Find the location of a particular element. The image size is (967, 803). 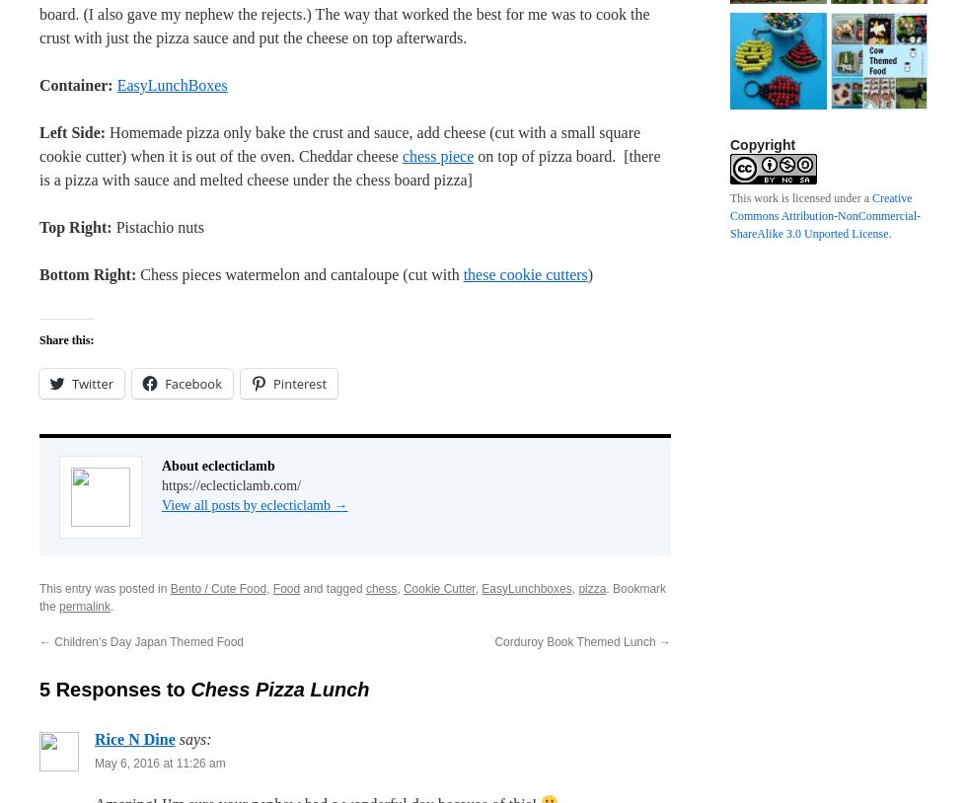

'Creative Commons Attribution-NonCommercial-ShareAlike 3.0 Unported License' is located at coordinates (825, 215).